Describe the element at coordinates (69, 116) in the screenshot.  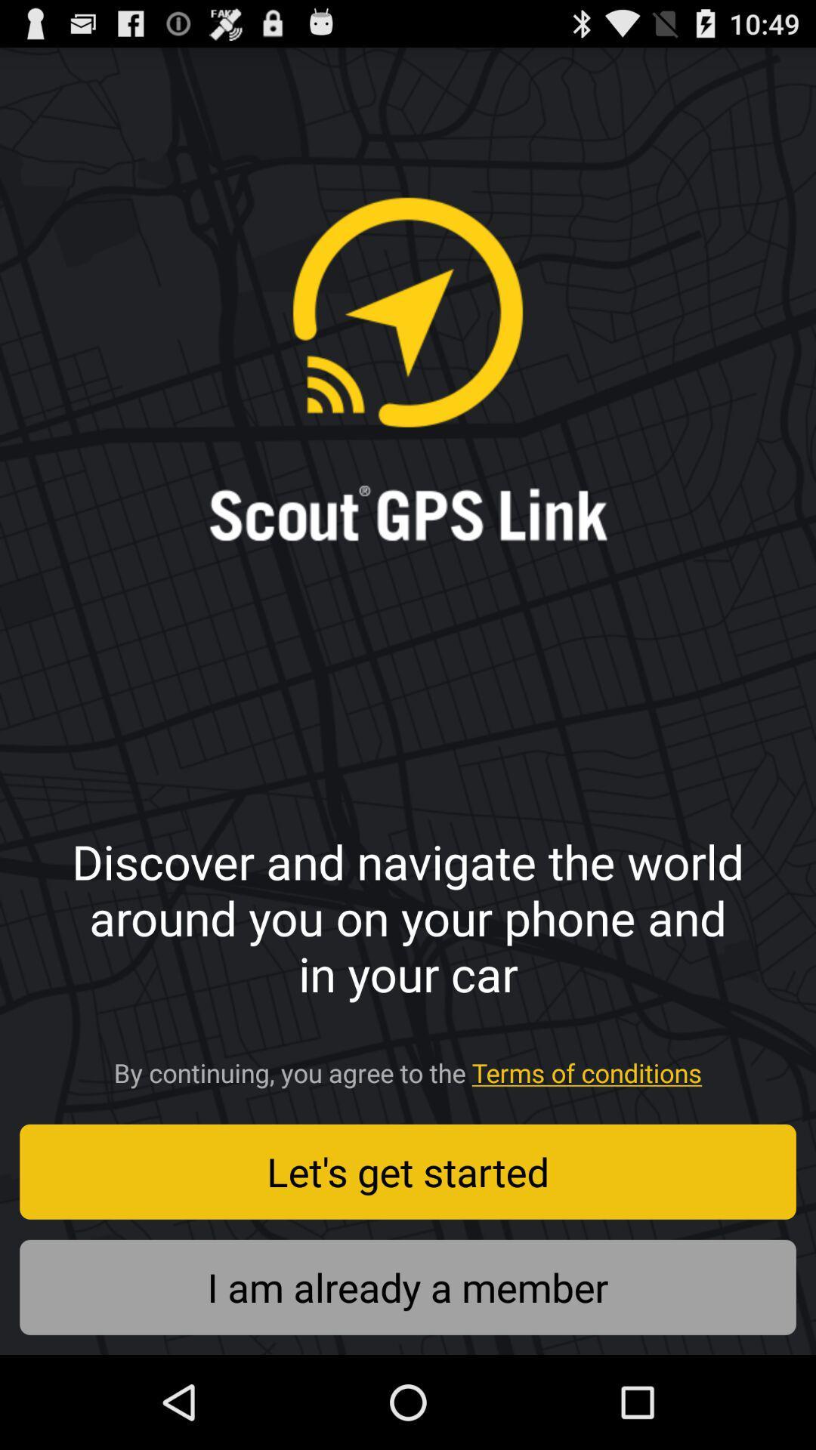
I see `the item above the discover and navigate icon` at that location.